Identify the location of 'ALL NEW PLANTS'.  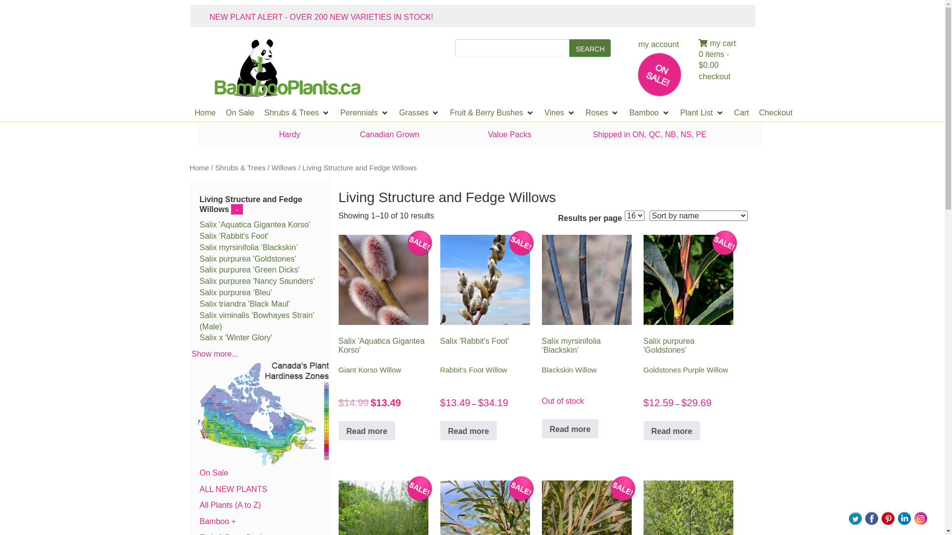
(233, 488).